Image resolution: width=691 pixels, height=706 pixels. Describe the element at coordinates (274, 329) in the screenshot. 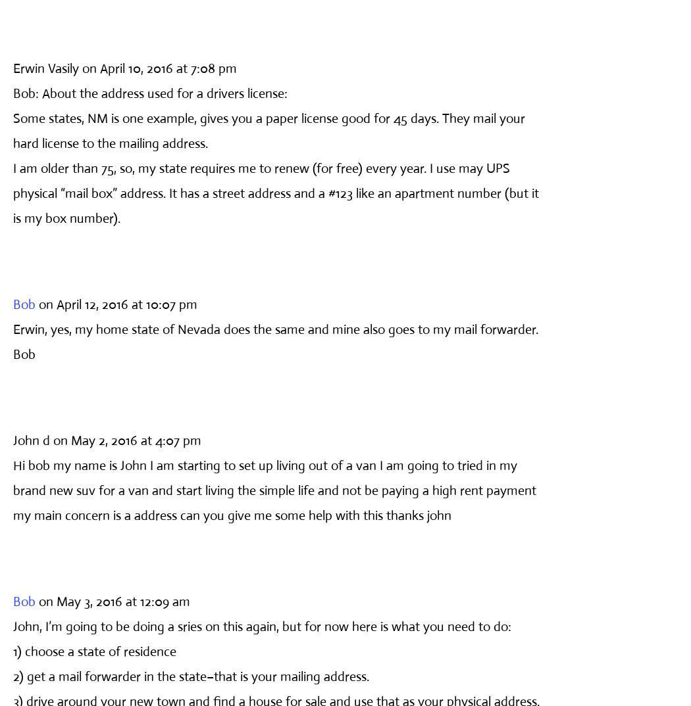

I see `'Erwin, yes, my home state of Nevada does the same and mine also goes to my mail forwarder.'` at that location.